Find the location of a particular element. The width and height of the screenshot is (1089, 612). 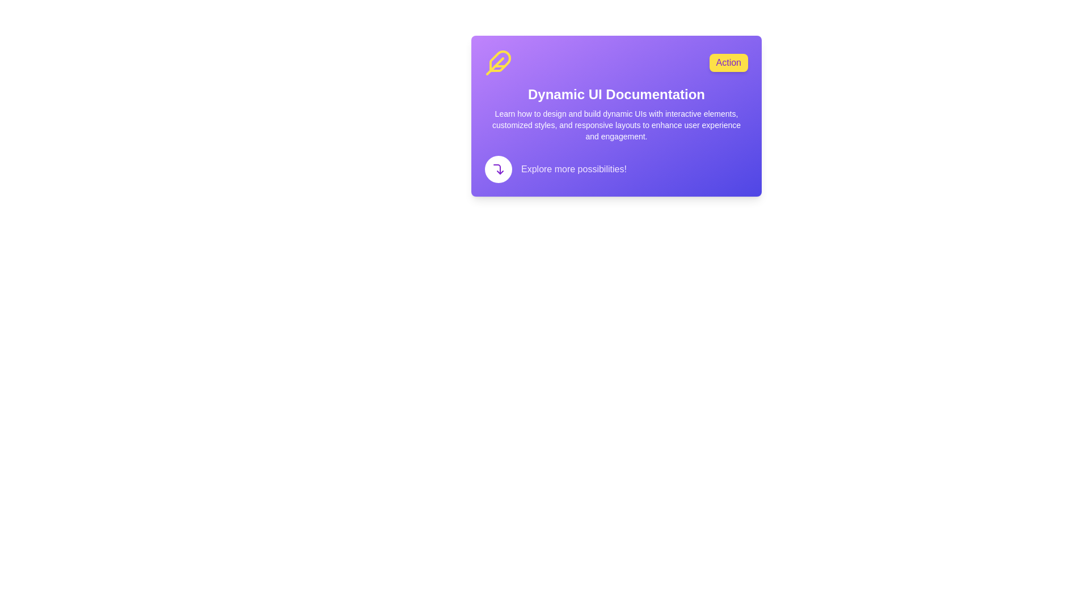

the decorative icon located in the top-left corner of the purple labeled card titled 'Dynamic UI Documentation', which represents creativity or writing is located at coordinates (498, 63).